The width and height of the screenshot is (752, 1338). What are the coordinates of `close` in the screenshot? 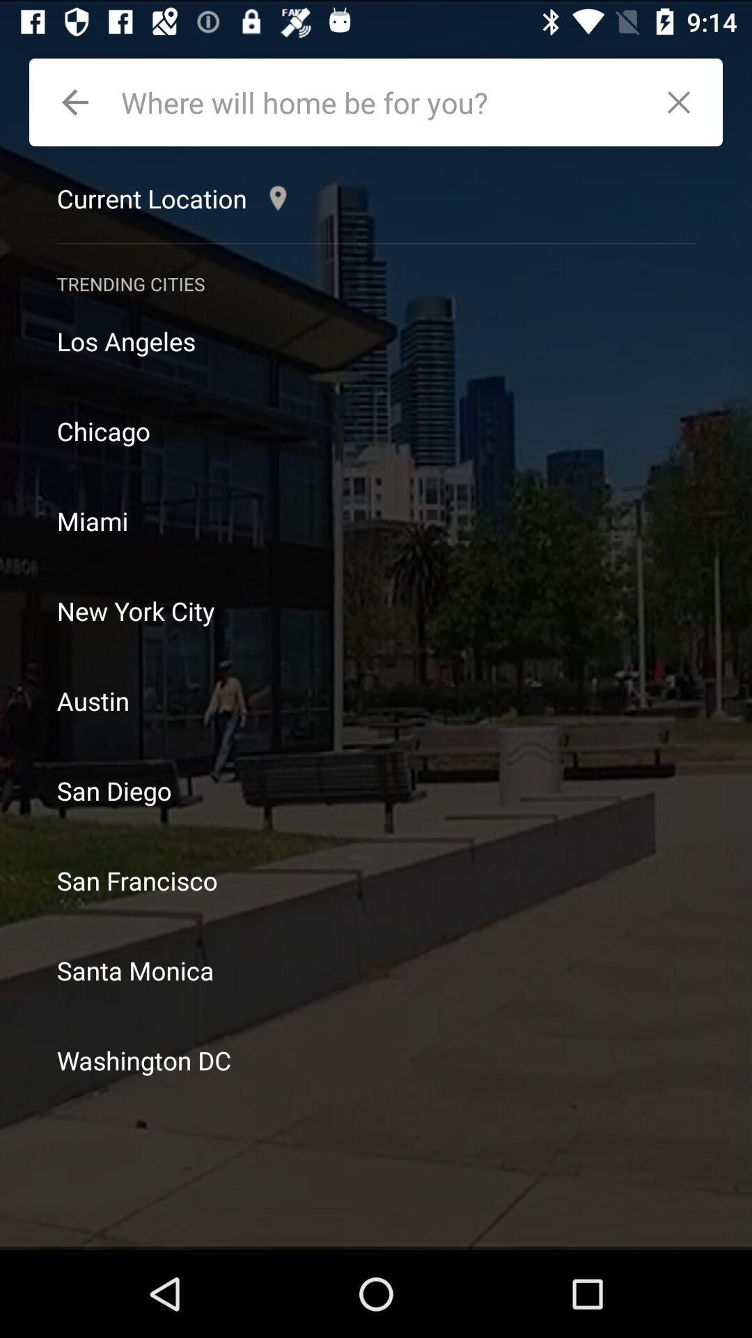 It's located at (685, 102).